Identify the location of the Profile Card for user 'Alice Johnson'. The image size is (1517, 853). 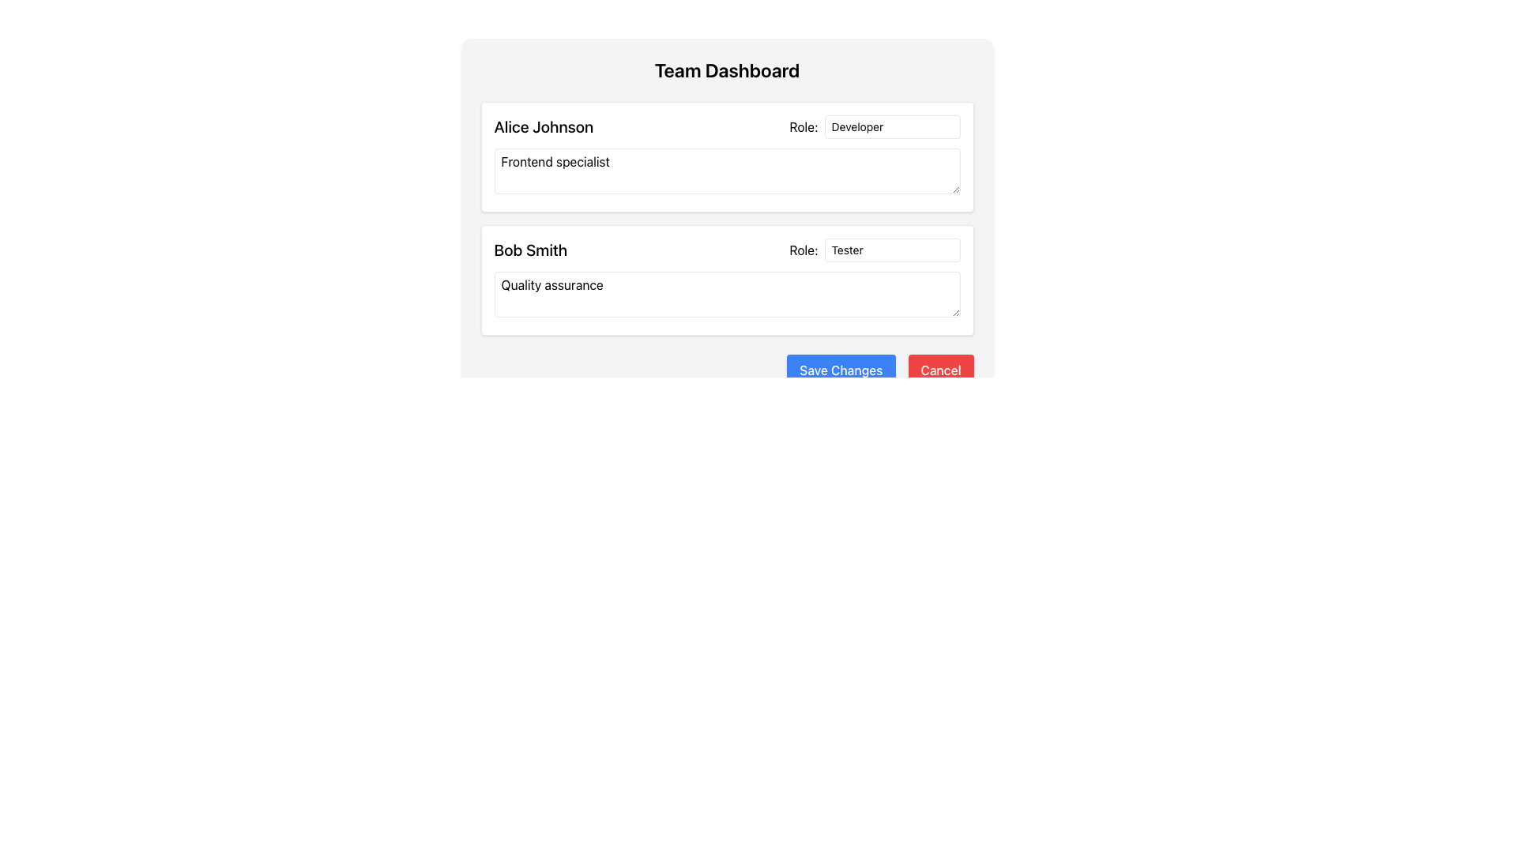
(726, 157).